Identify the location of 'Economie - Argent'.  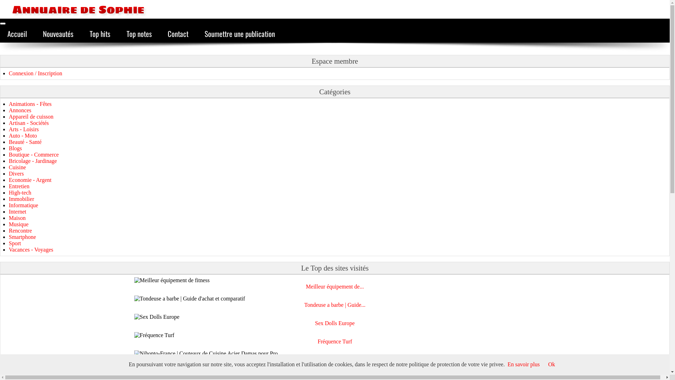
(30, 179).